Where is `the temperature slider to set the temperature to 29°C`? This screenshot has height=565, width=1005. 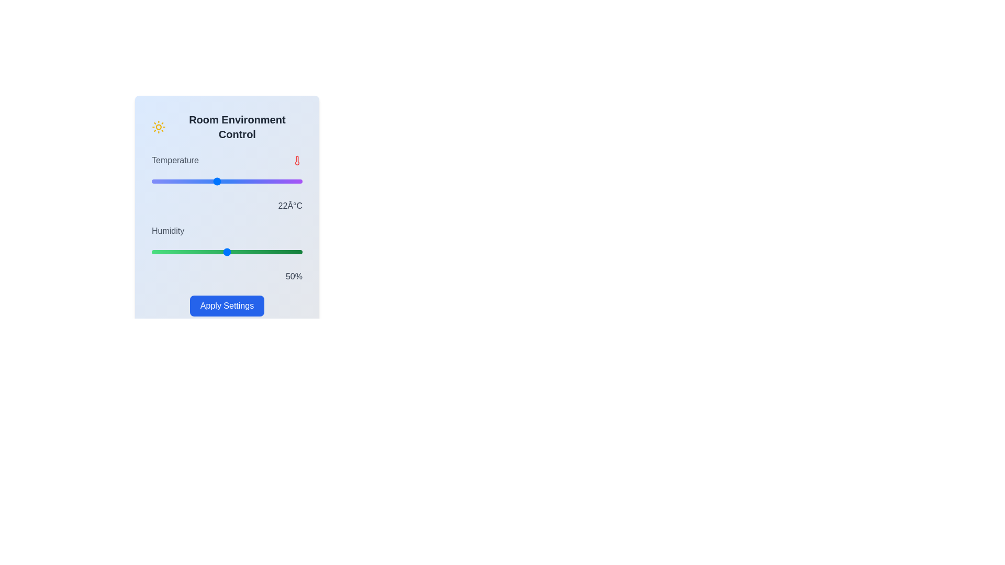 the temperature slider to set the temperature to 29°C is located at coordinates (292, 181).